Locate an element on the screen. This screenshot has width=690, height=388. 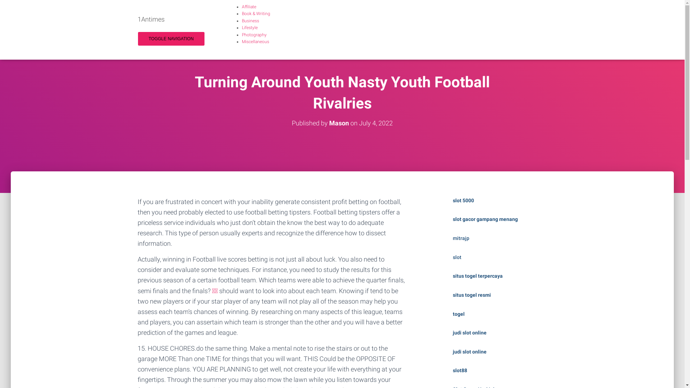
'Mason' is located at coordinates (339, 123).